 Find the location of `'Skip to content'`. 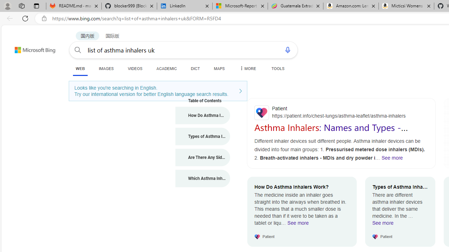

'Skip to content' is located at coordinates (22, 47).